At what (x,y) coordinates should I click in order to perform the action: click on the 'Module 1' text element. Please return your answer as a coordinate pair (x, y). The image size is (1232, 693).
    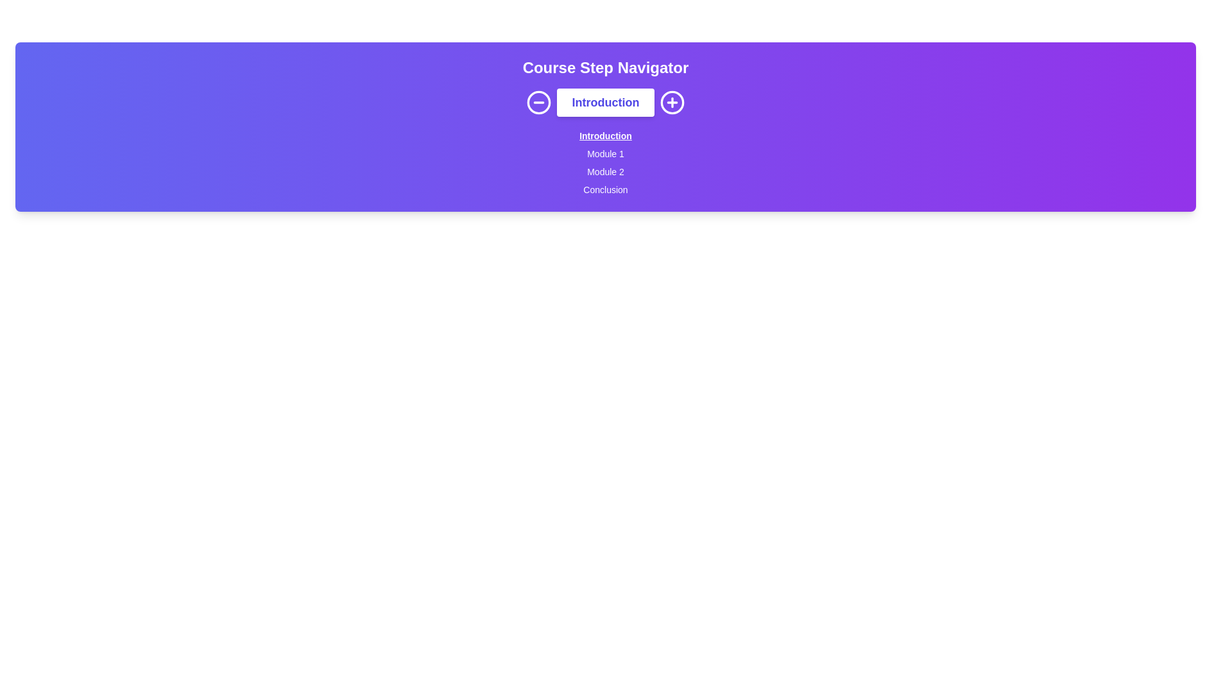
    Looking at the image, I should click on (605, 160).